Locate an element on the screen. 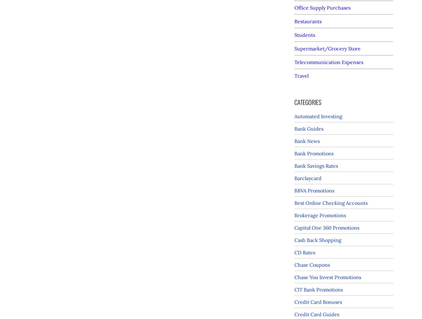  'Best Online Checking Accounts' is located at coordinates (294, 203).